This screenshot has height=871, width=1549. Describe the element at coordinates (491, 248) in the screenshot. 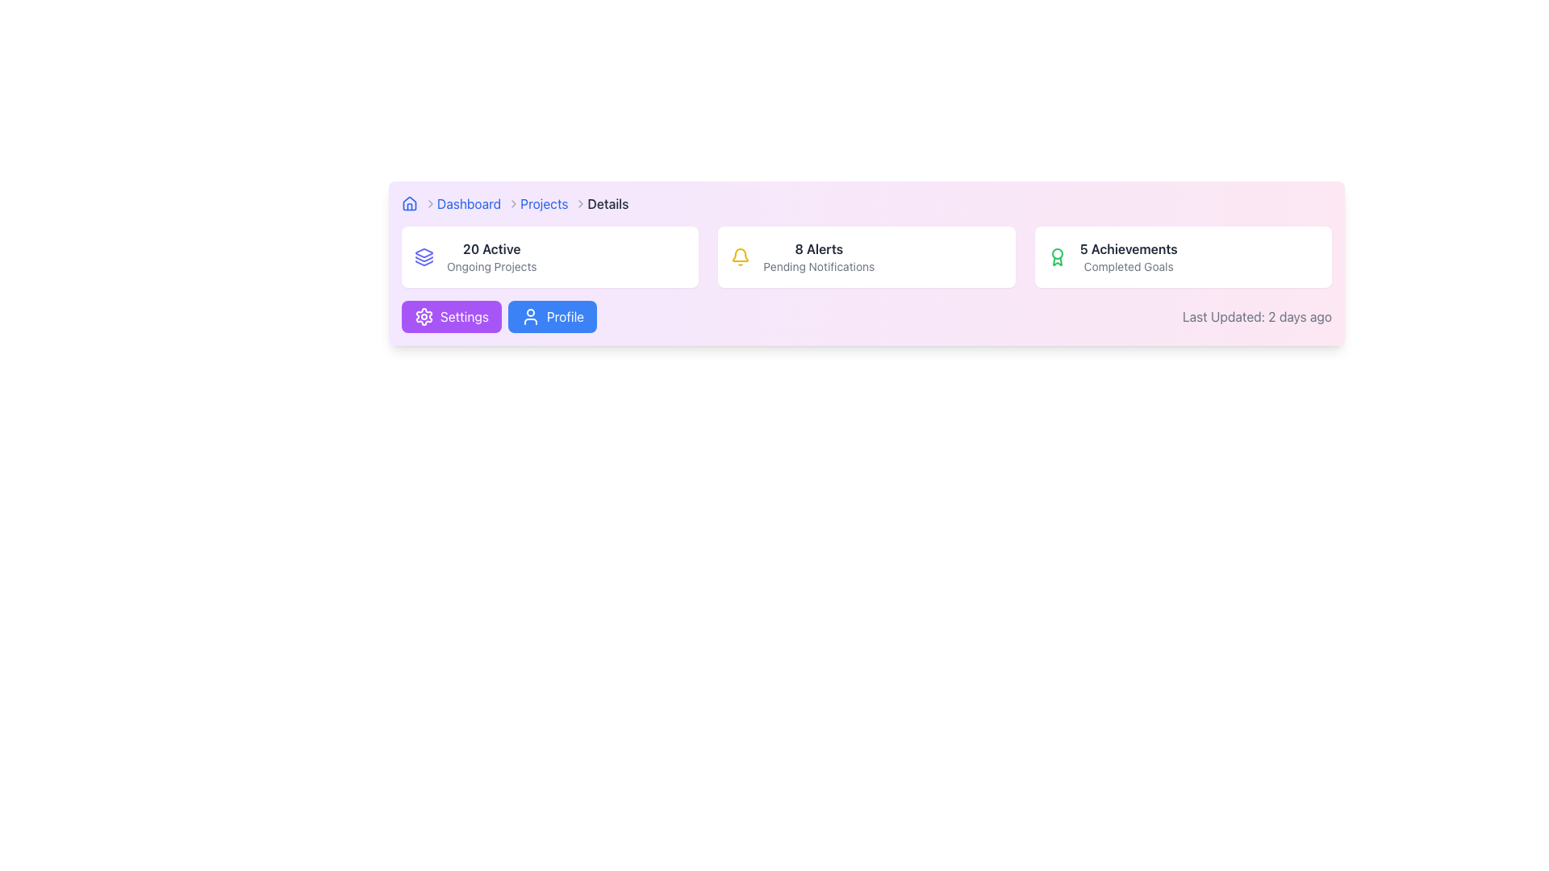

I see `text from the Text Label element that displays '20 Active', which is styled in bold, dark-gray and is positioned above 'Ongoing Projects'` at that location.